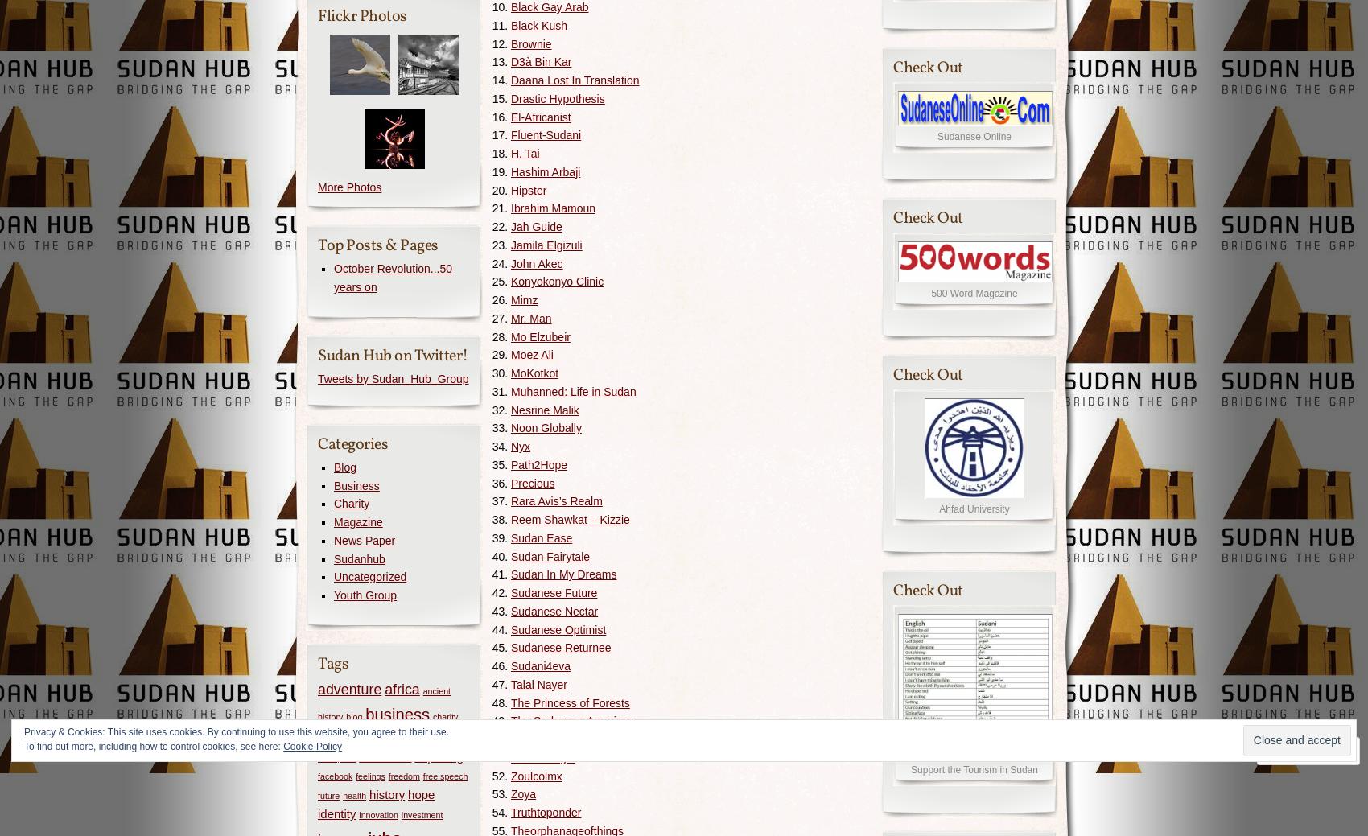  I want to click on 'Sudani4eva', so click(540, 665).